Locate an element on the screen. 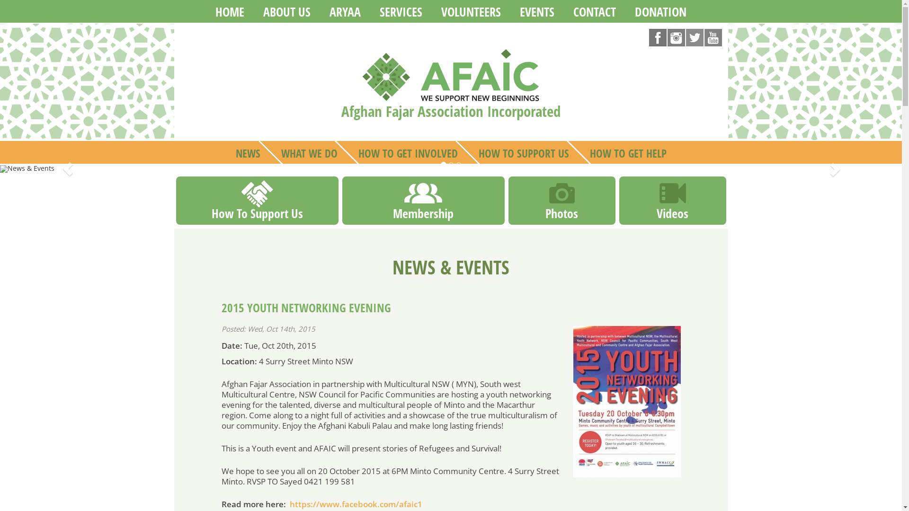 The height and width of the screenshot is (511, 909). 'NEWS' is located at coordinates (248, 151).